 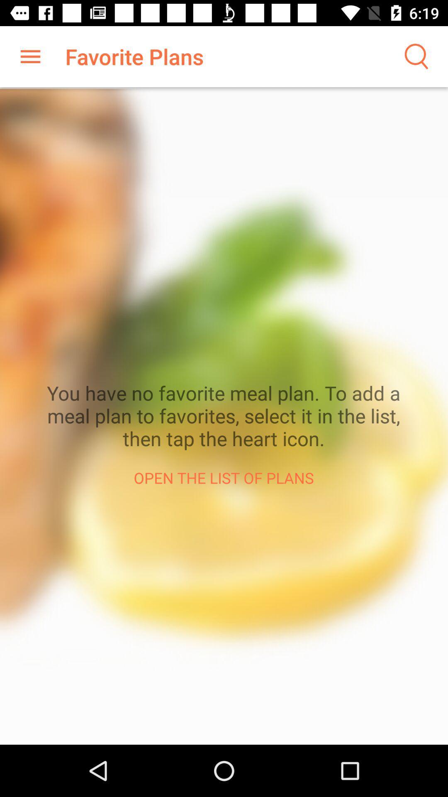 I want to click on look for more, so click(x=415, y=56).